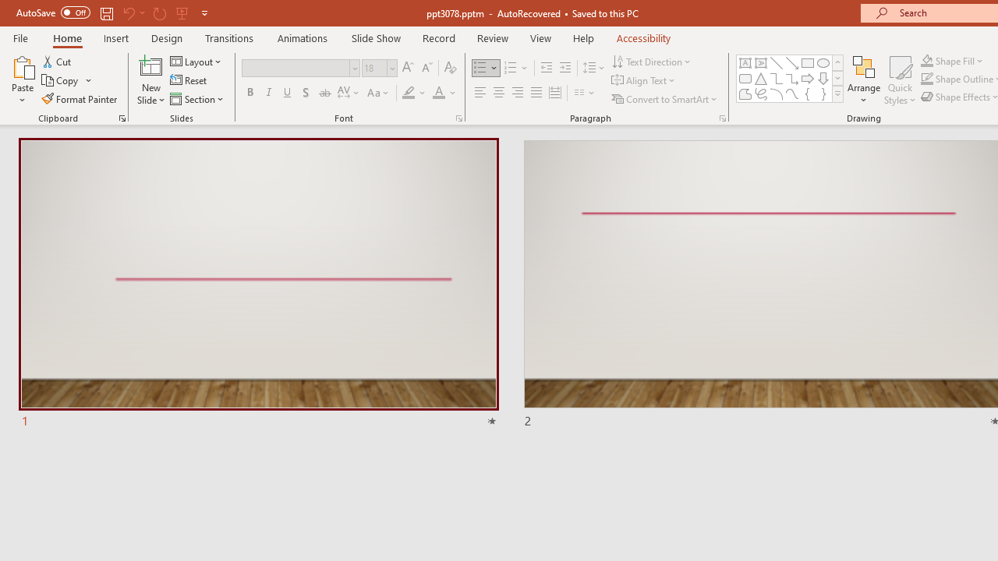 The image size is (998, 561). Describe the element at coordinates (808, 93) in the screenshot. I see `'Left Brace'` at that location.